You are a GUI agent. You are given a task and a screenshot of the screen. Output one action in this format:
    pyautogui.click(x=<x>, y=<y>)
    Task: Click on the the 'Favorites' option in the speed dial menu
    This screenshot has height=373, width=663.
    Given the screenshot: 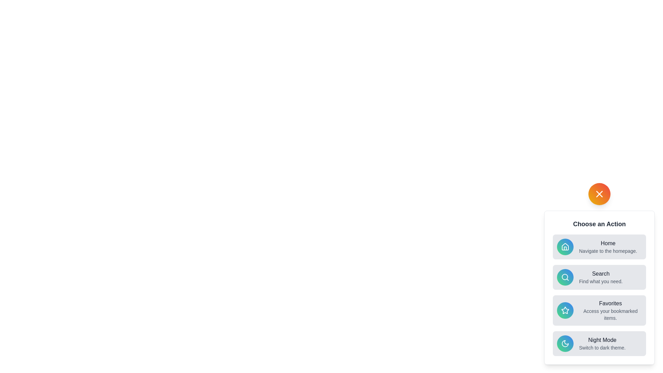 What is the action you would take?
    pyautogui.click(x=599, y=310)
    